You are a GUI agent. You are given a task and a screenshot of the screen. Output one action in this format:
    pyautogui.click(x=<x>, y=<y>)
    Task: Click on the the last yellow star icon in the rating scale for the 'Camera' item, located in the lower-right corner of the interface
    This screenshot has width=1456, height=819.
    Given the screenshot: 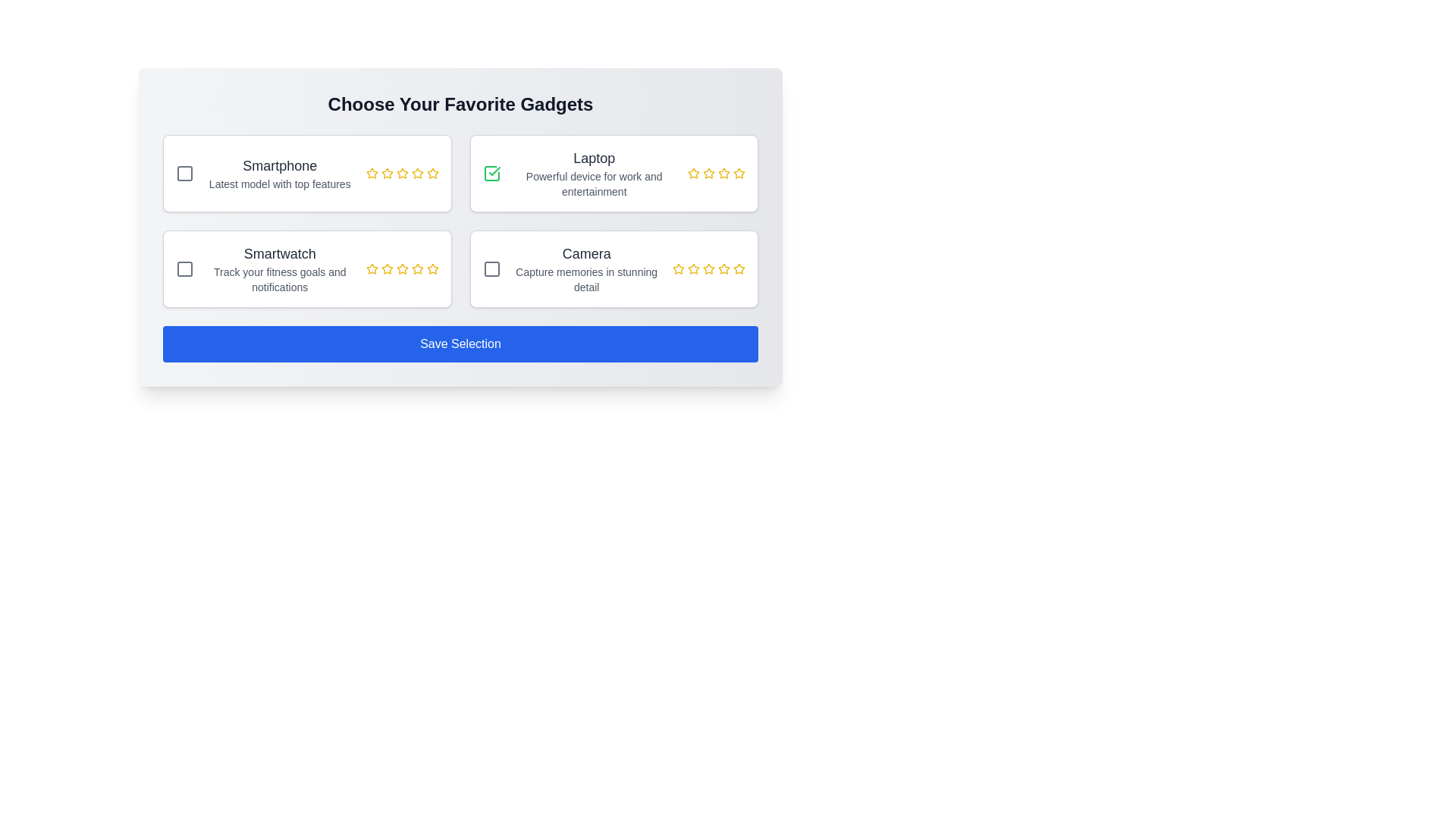 What is the action you would take?
    pyautogui.click(x=739, y=268)
    